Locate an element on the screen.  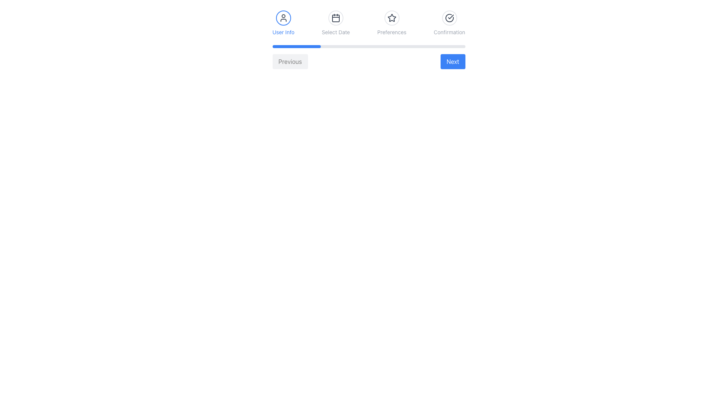
the Step Indicator element labeled 'Preferences', which consists of a gray star icon in a circular border and the text 'Preferences' below it is located at coordinates (392, 23).